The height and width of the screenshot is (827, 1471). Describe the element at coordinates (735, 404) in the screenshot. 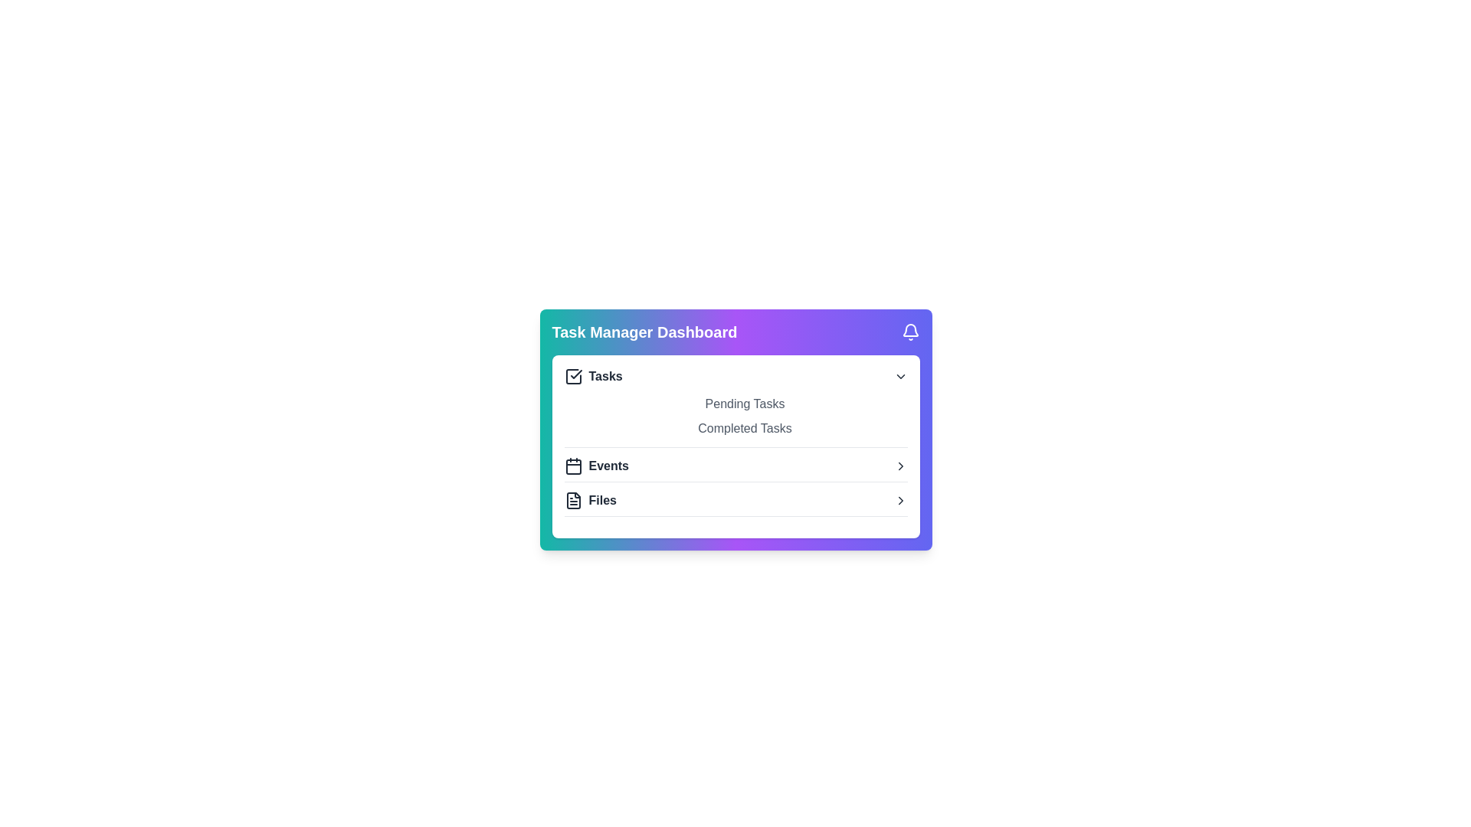

I see `the 'Pending Tasks' navigation option in the Task Manager Dashboard` at that location.